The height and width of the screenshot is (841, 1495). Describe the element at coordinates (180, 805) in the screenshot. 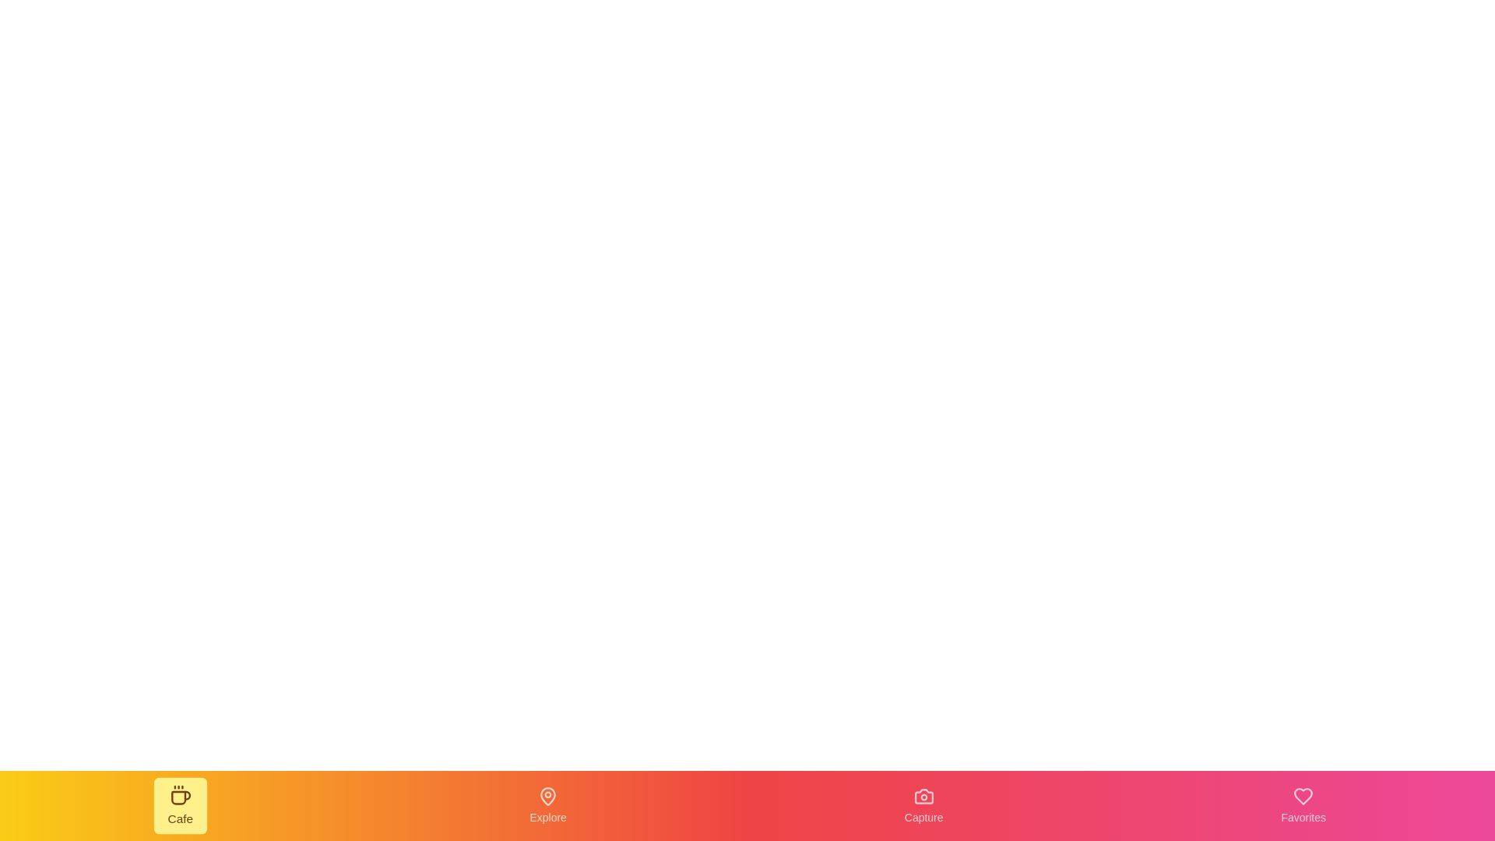

I see `the navigation item Cafe from the bottom navigation bar` at that location.